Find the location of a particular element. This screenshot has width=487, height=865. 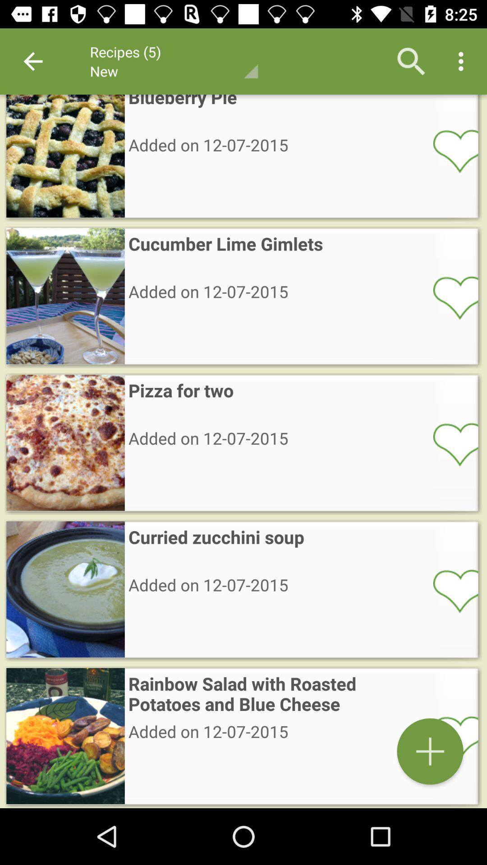

heart like option is located at coordinates (450, 590).